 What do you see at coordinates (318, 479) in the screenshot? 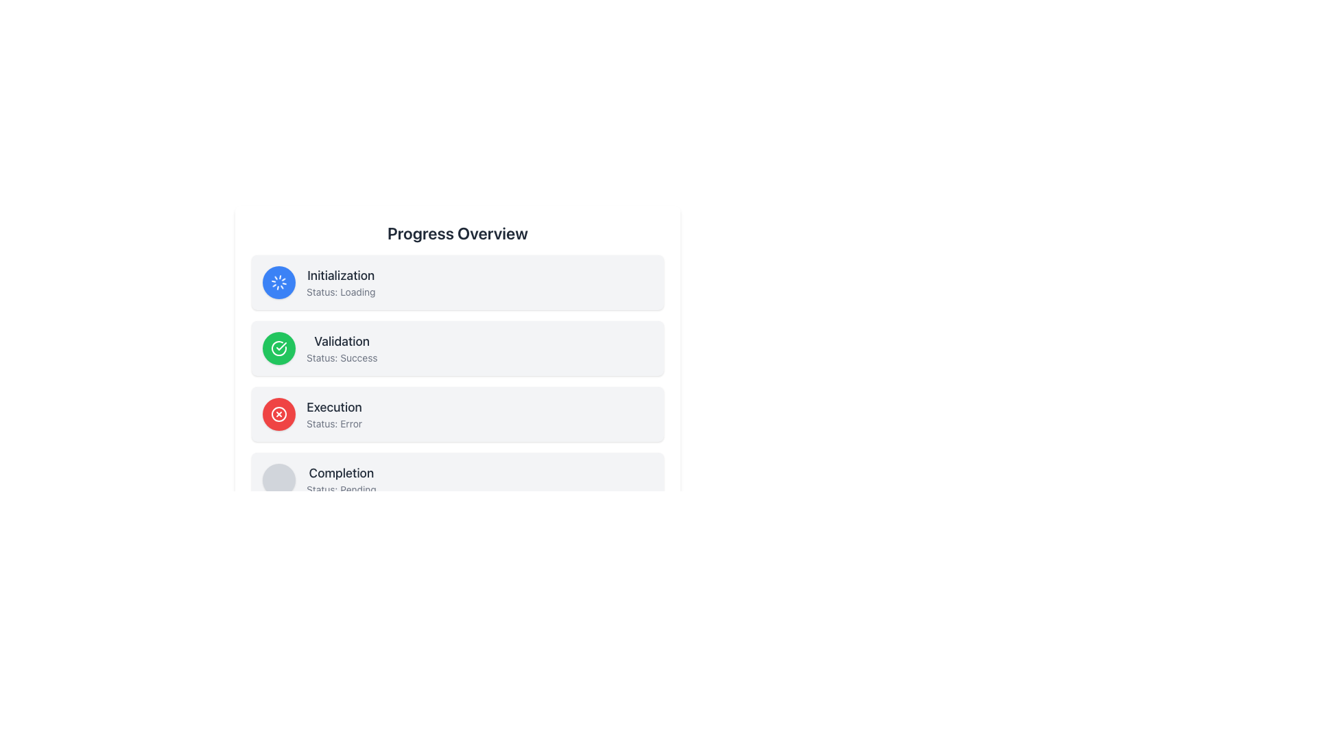
I see `the fourth List Item under the 'Progress Overview' heading, which contains a circular icon and the text 'Completion' and 'Status: Pending'` at bounding box center [318, 479].